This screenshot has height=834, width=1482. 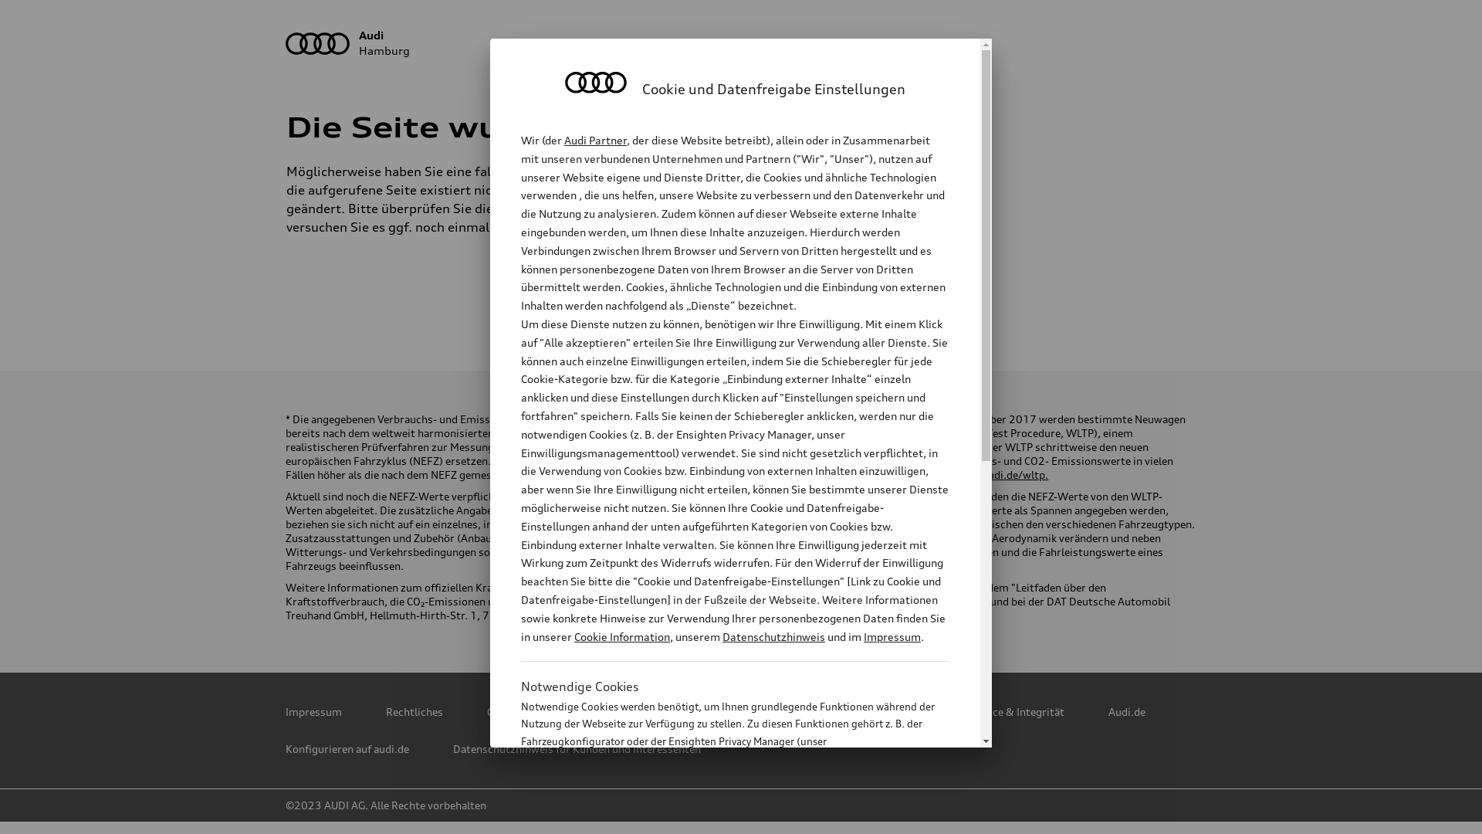 What do you see at coordinates (594, 140) in the screenshot?
I see `'Audi Partner'` at bounding box center [594, 140].